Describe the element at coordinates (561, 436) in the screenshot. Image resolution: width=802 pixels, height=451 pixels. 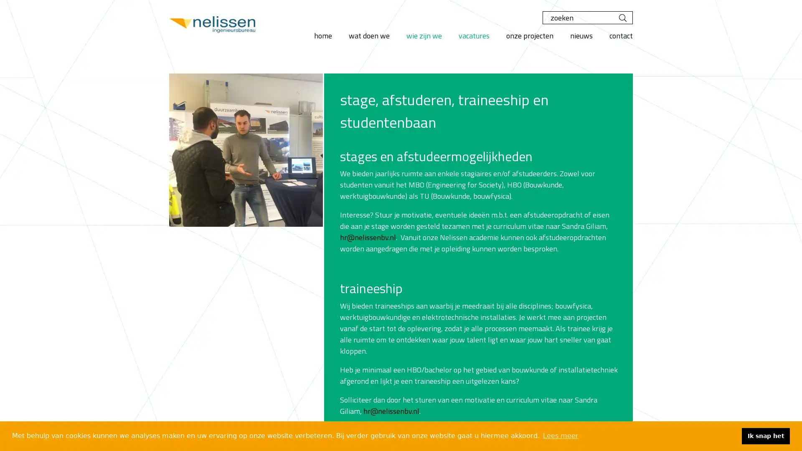
I see `learn more about cookies` at that location.